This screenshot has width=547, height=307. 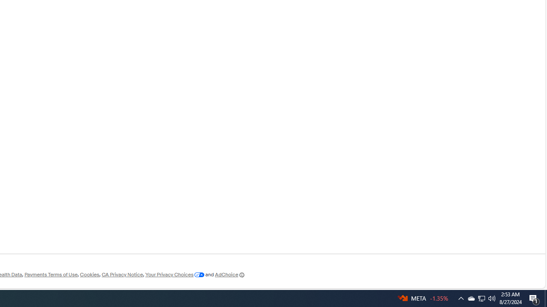 I want to click on 'Payments Terms of Use', so click(x=50, y=275).